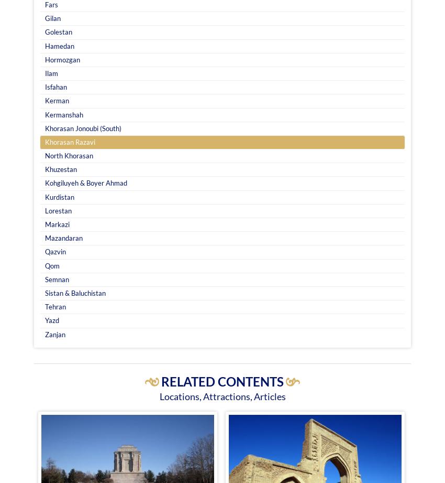  What do you see at coordinates (54, 334) in the screenshot?
I see `'Zanjan'` at bounding box center [54, 334].